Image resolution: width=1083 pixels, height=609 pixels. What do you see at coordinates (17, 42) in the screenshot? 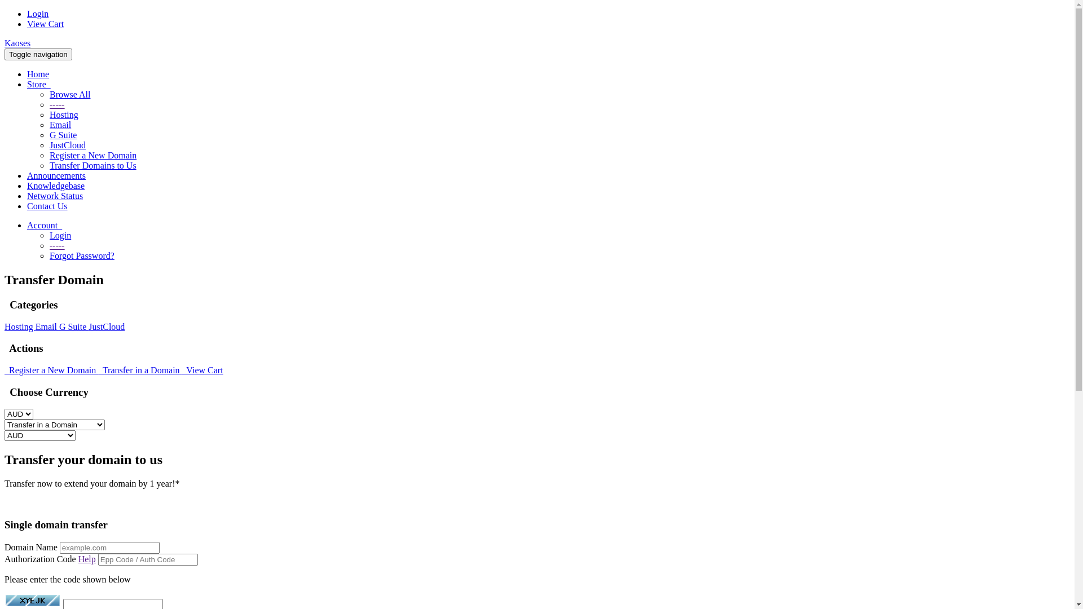
I see `'Kaoses'` at bounding box center [17, 42].